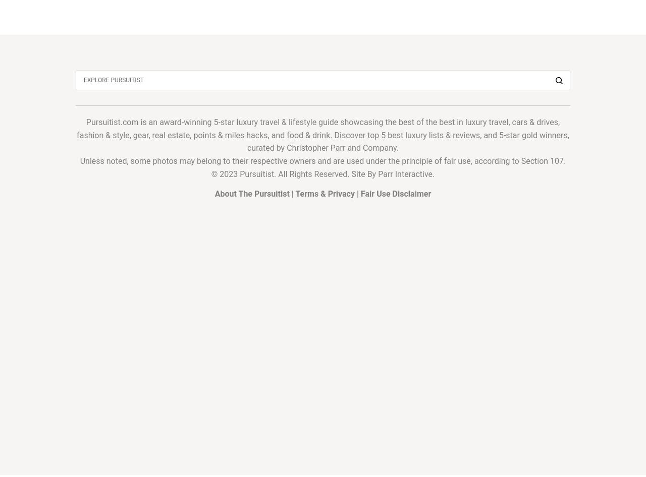  I want to click on 'Parr Interactive', so click(405, 173).